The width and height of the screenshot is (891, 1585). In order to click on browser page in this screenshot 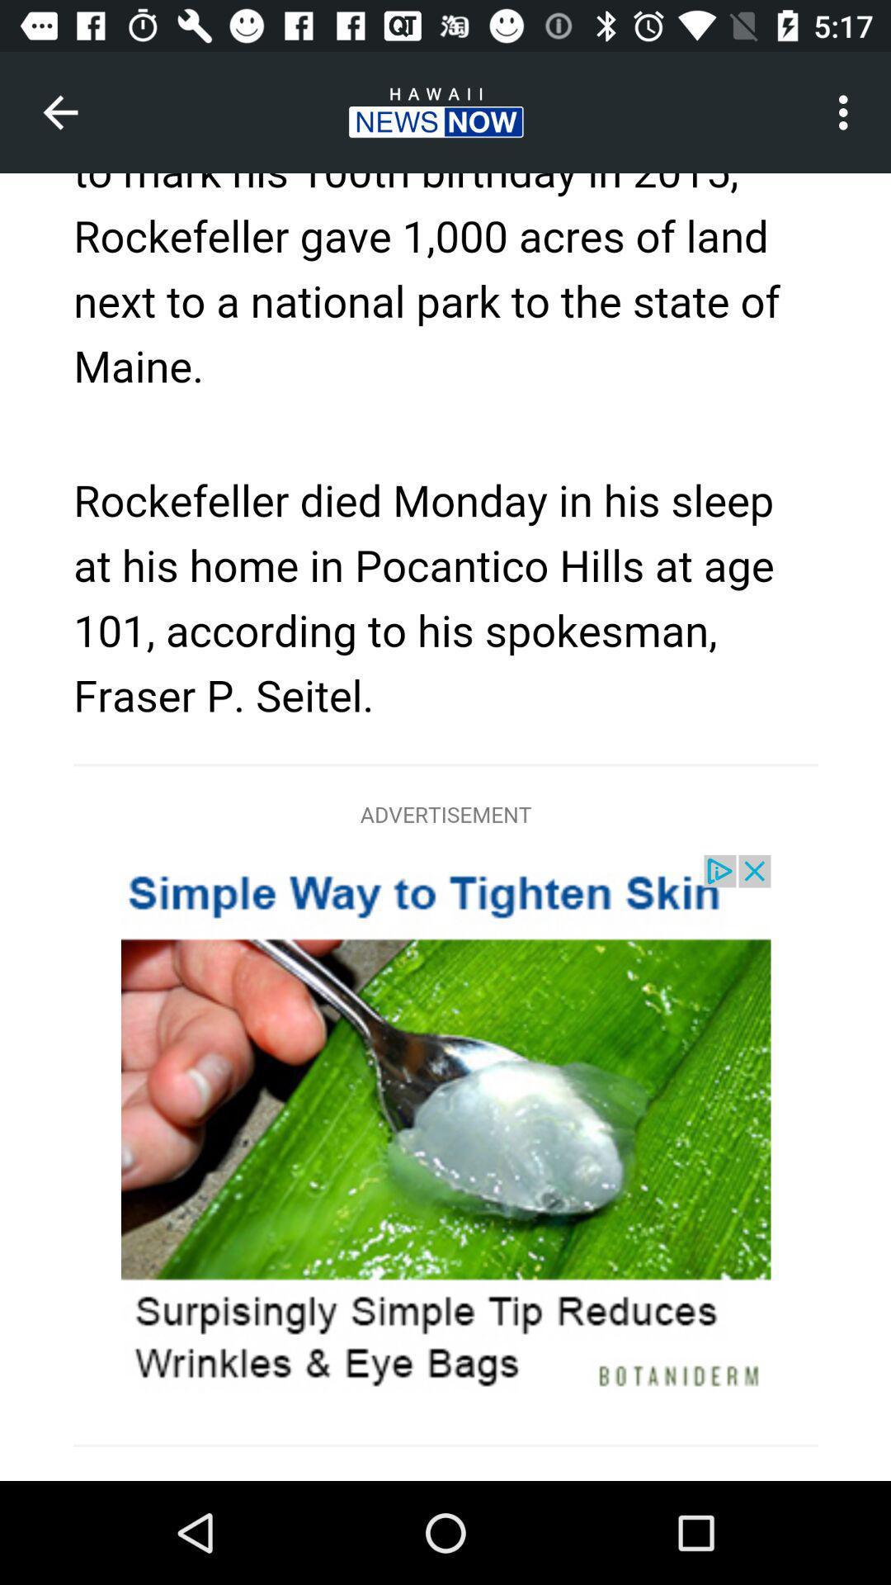, I will do `click(445, 827)`.